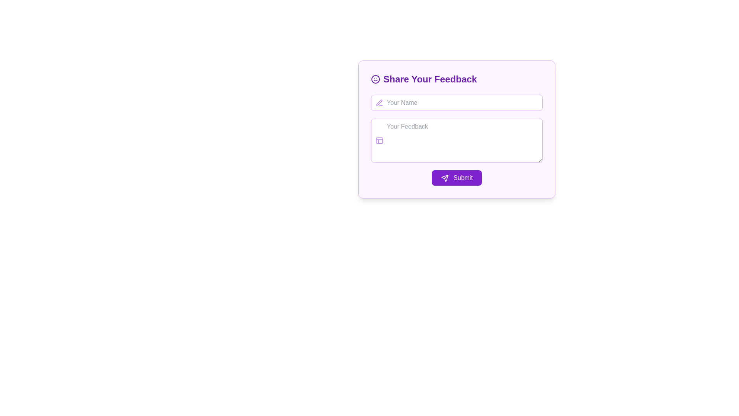 The image size is (739, 416). Describe the element at coordinates (456, 79) in the screenshot. I see `the section header text with accompanying icon located at the top of the form, indicating the user's task or purpose of the form` at that location.